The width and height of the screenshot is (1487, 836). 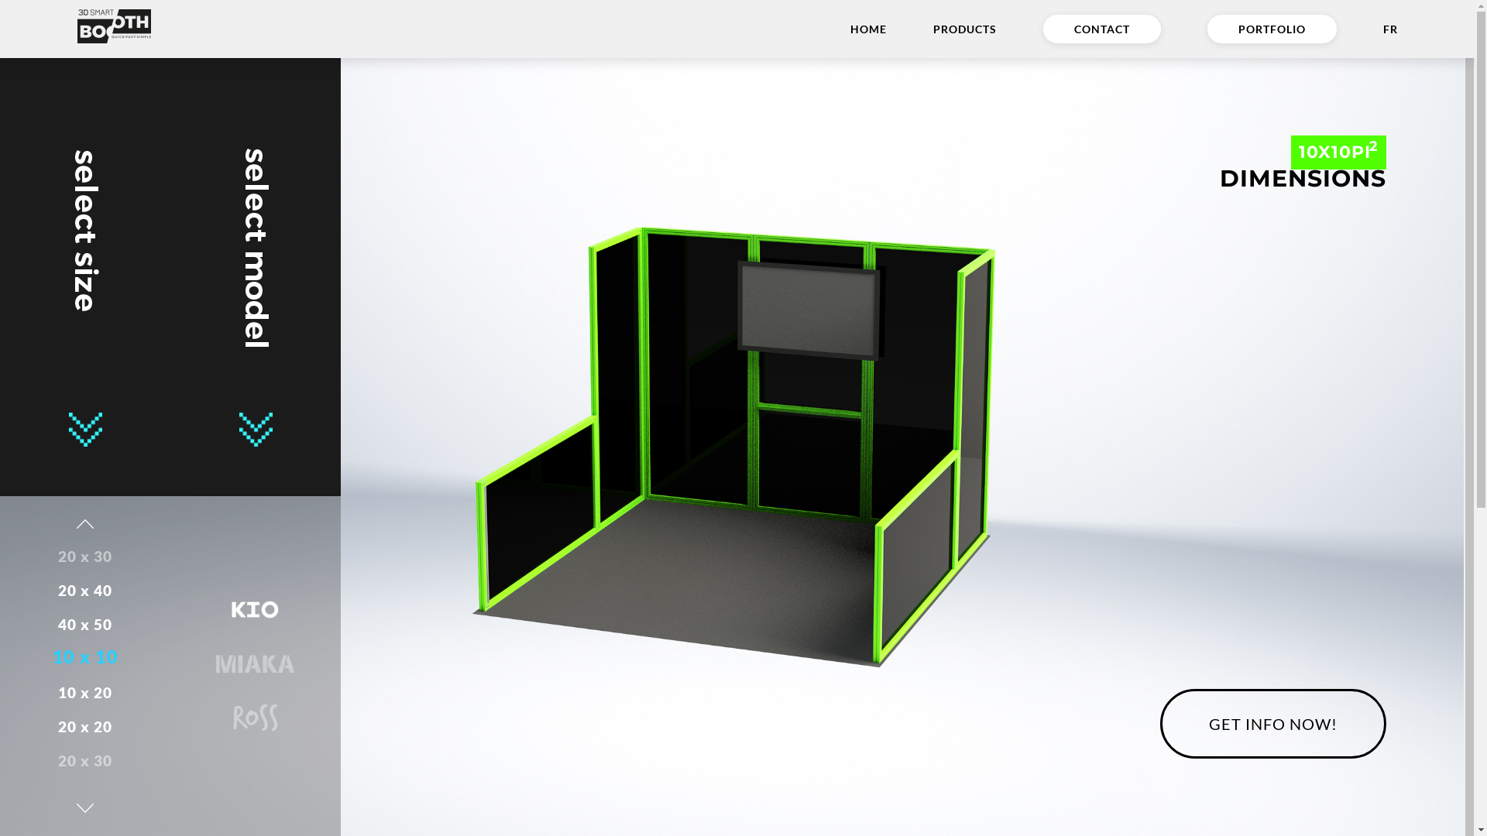 What do you see at coordinates (964, 29) in the screenshot?
I see `'PRODUCTS'` at bounding box center [964, 29].